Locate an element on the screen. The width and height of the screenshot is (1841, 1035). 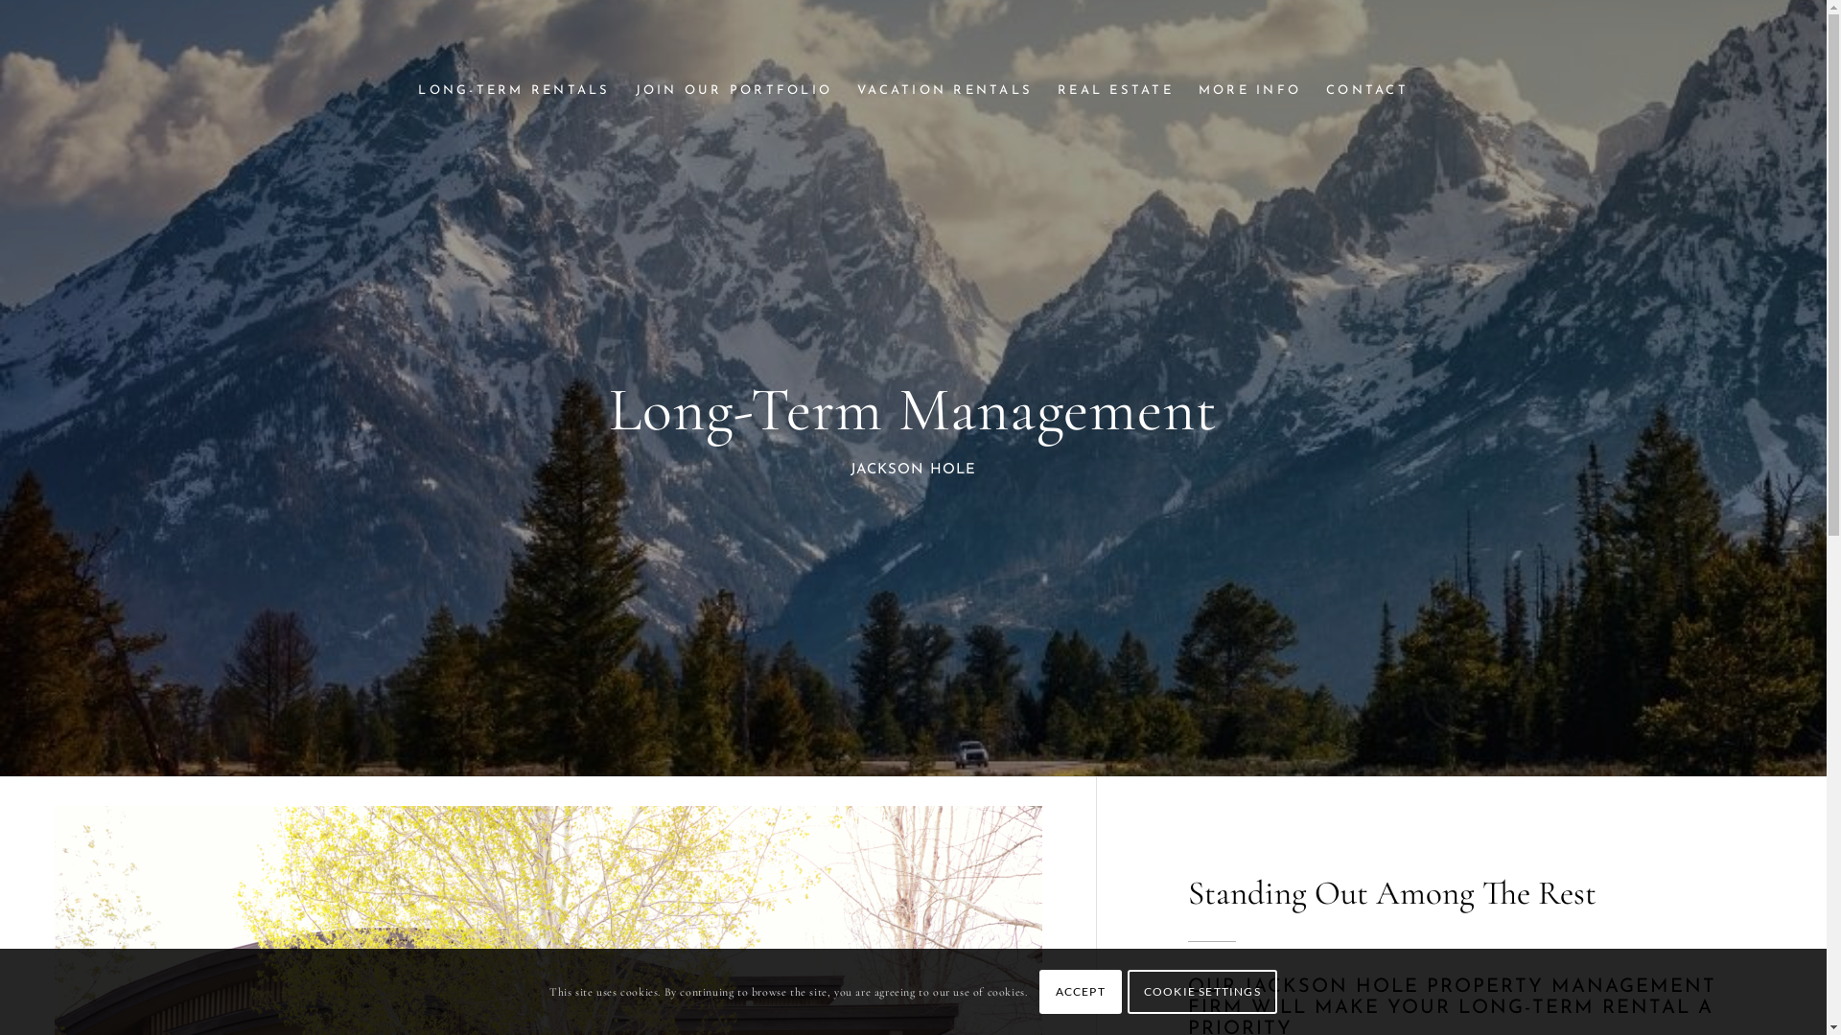
'VACATION RENTALS' is located at coordinates (944, 91).